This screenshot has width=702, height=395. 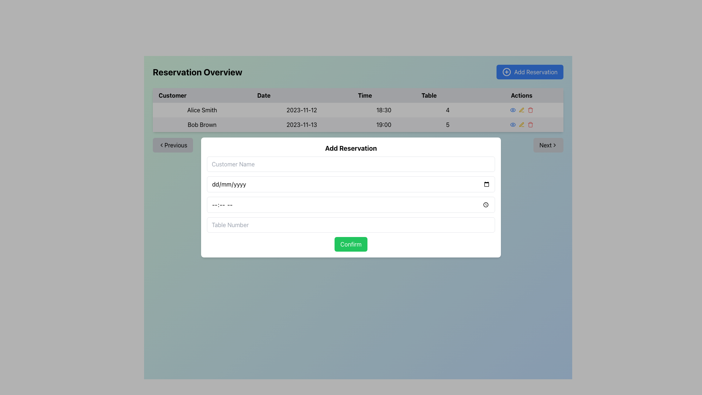 I want to click on the edit icon for the reservation entry of Bob Brown in the 'Actions' column, so click(x=521, y=110).